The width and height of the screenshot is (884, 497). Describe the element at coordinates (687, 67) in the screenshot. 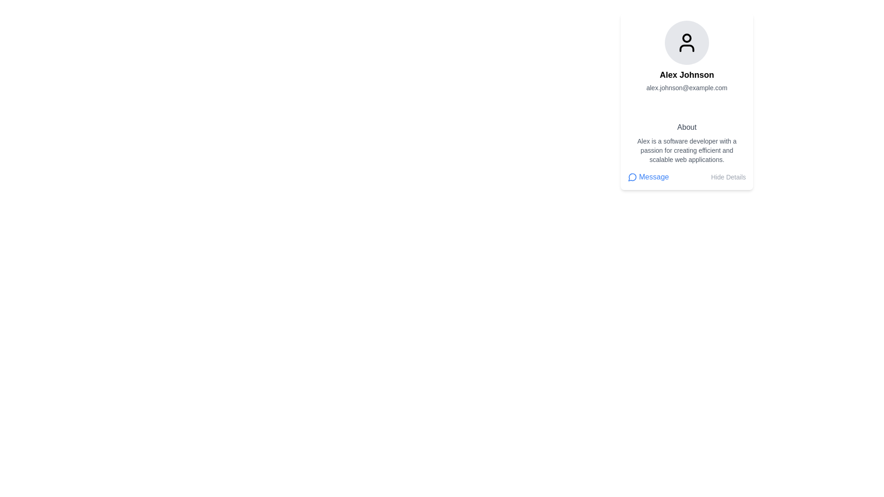

I see `the name 'Alex Johnson' in the Profile Display Section` at that location.